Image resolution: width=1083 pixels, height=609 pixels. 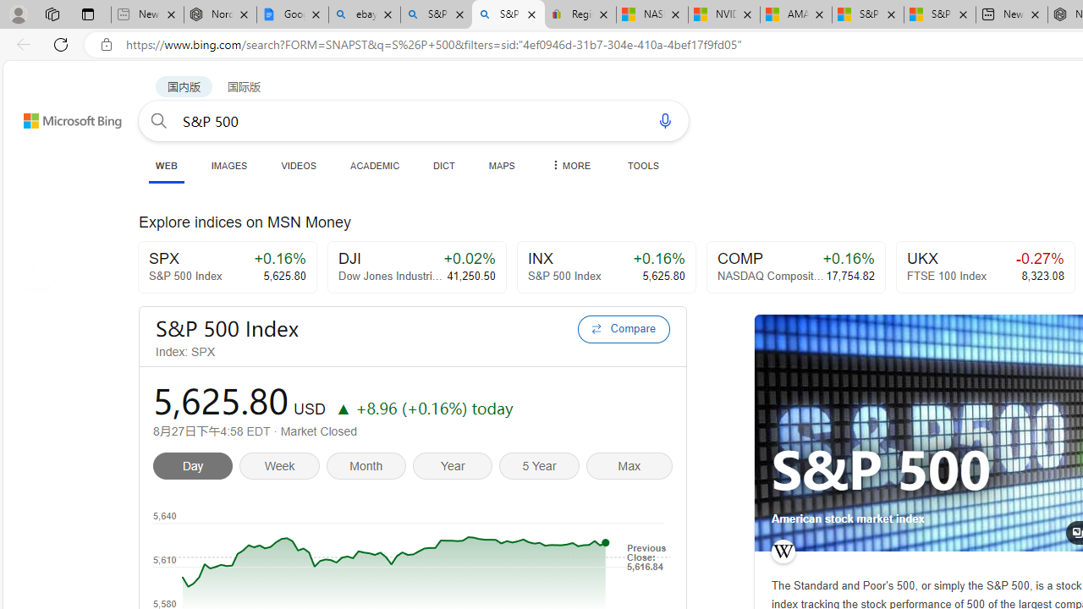 What do you see at coordinates (455, 468) in the screenshot?
I see `'Year'` at bounding box center [455, 468].